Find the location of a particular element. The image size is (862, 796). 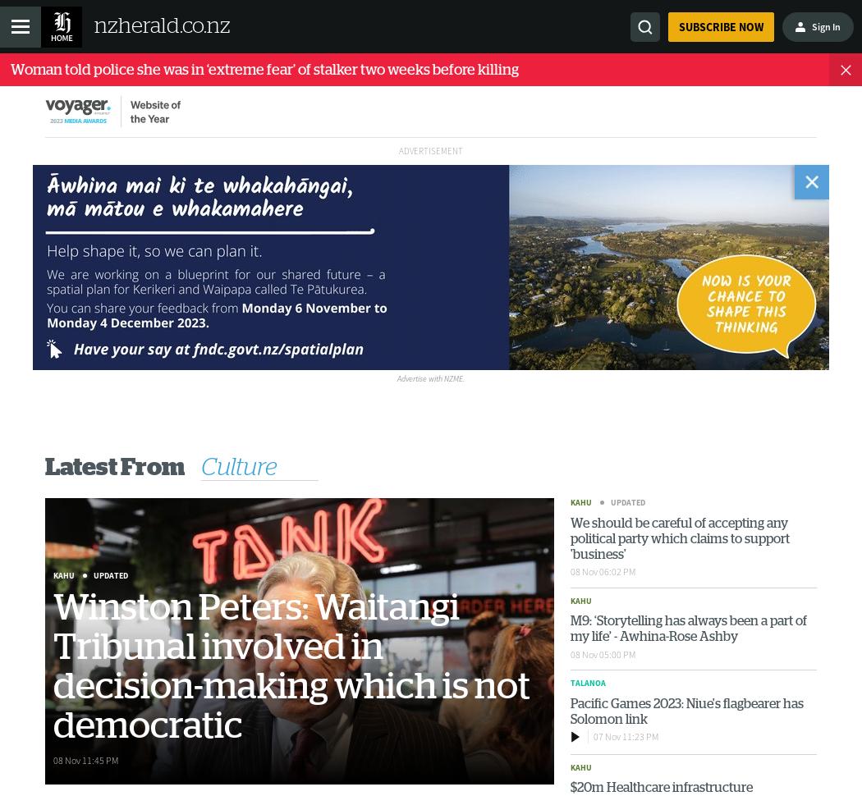

'Latest From' is located at coordinates (113, 466).